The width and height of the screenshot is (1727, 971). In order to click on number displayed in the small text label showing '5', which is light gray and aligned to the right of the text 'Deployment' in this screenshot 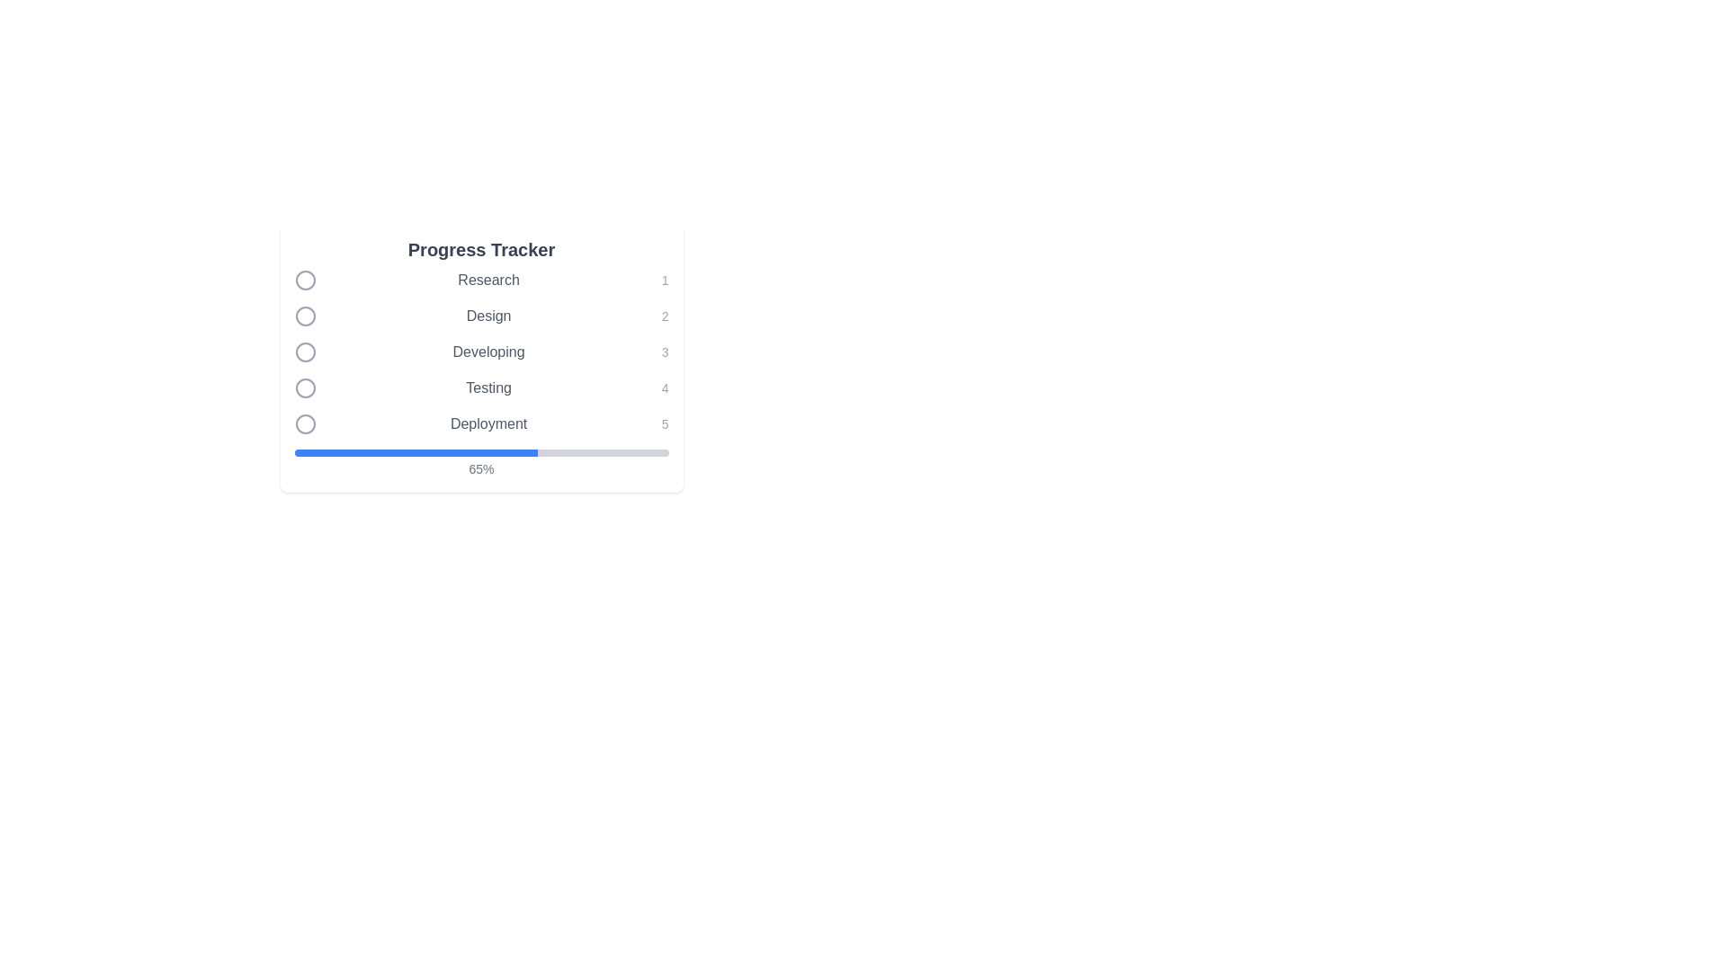, I will do `click(664, 423)`.